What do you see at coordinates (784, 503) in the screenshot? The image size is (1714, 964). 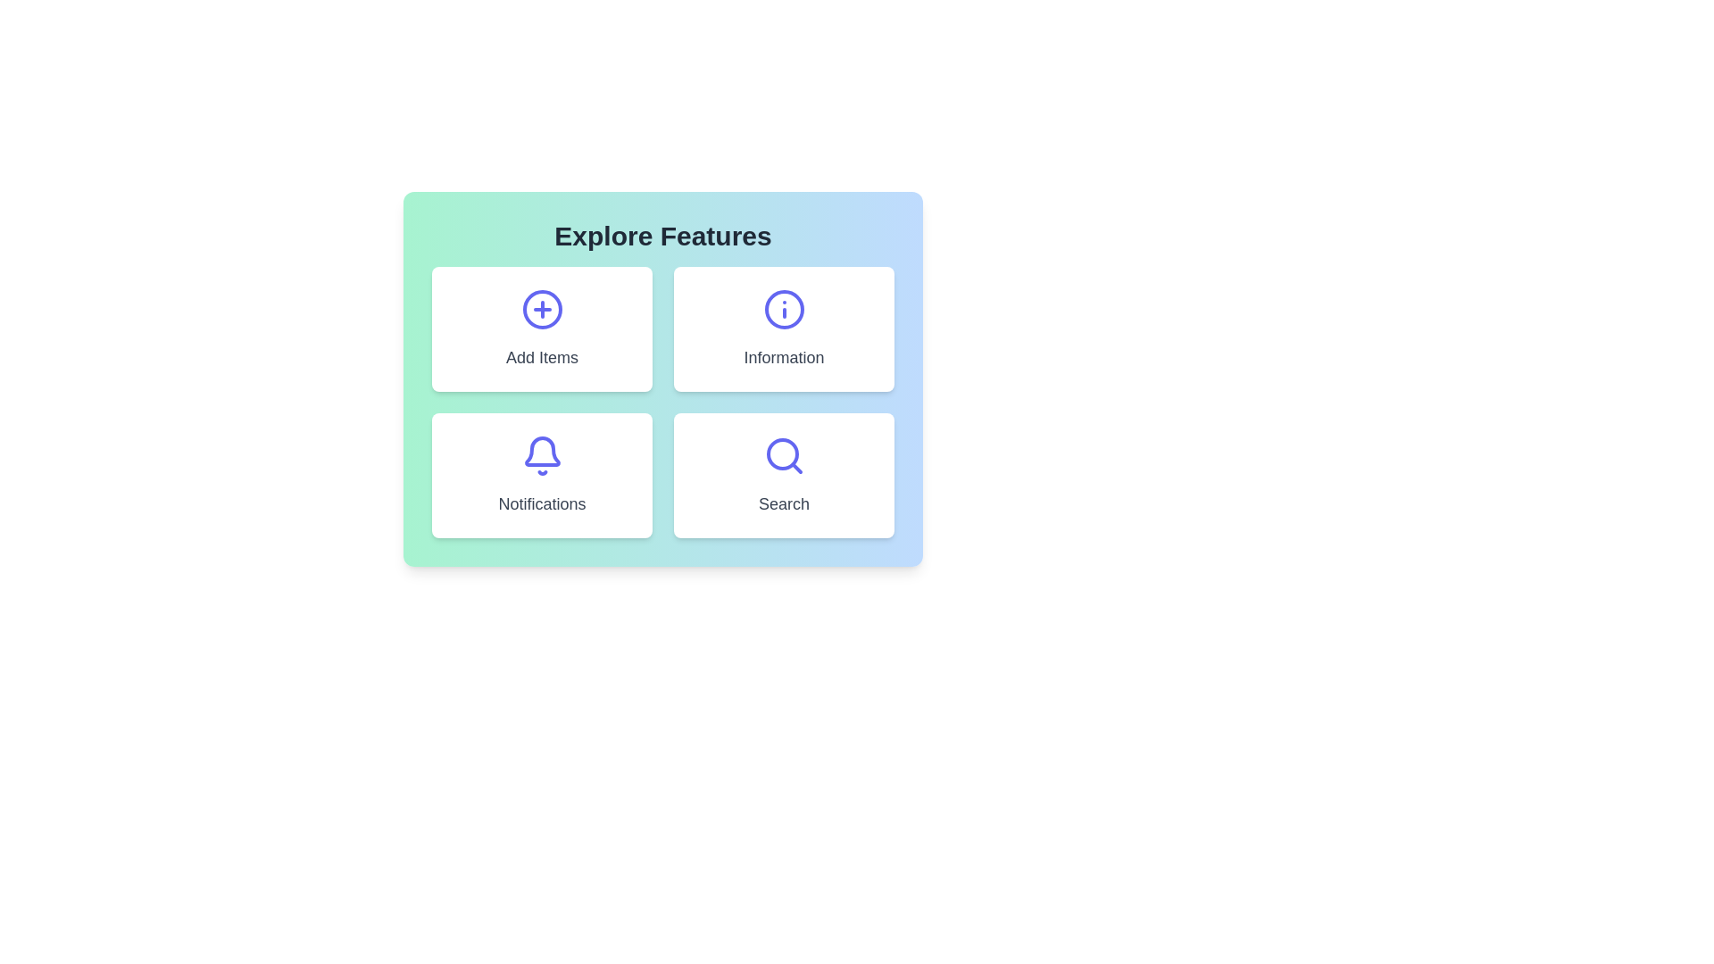 I see `the 'Search' Text Label located at the bottom center of its card in the grid of four cards under 'Explore Features'` at bounding box center [784, 503].